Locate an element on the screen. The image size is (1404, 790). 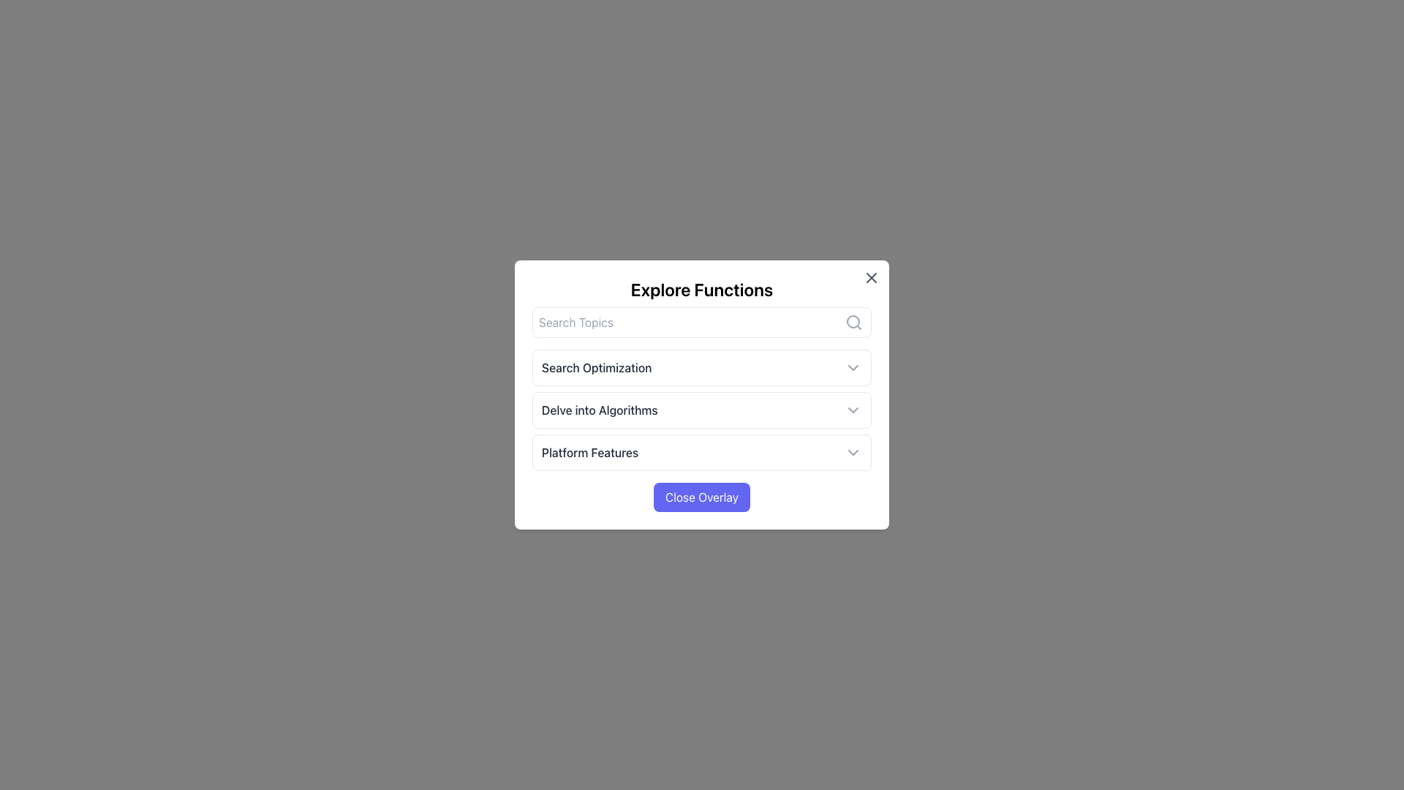
the first interactive dropdown menu item related to 'Search Optimization' in the modal titled 'Explore Functions' is located at coordinates (702, 366).